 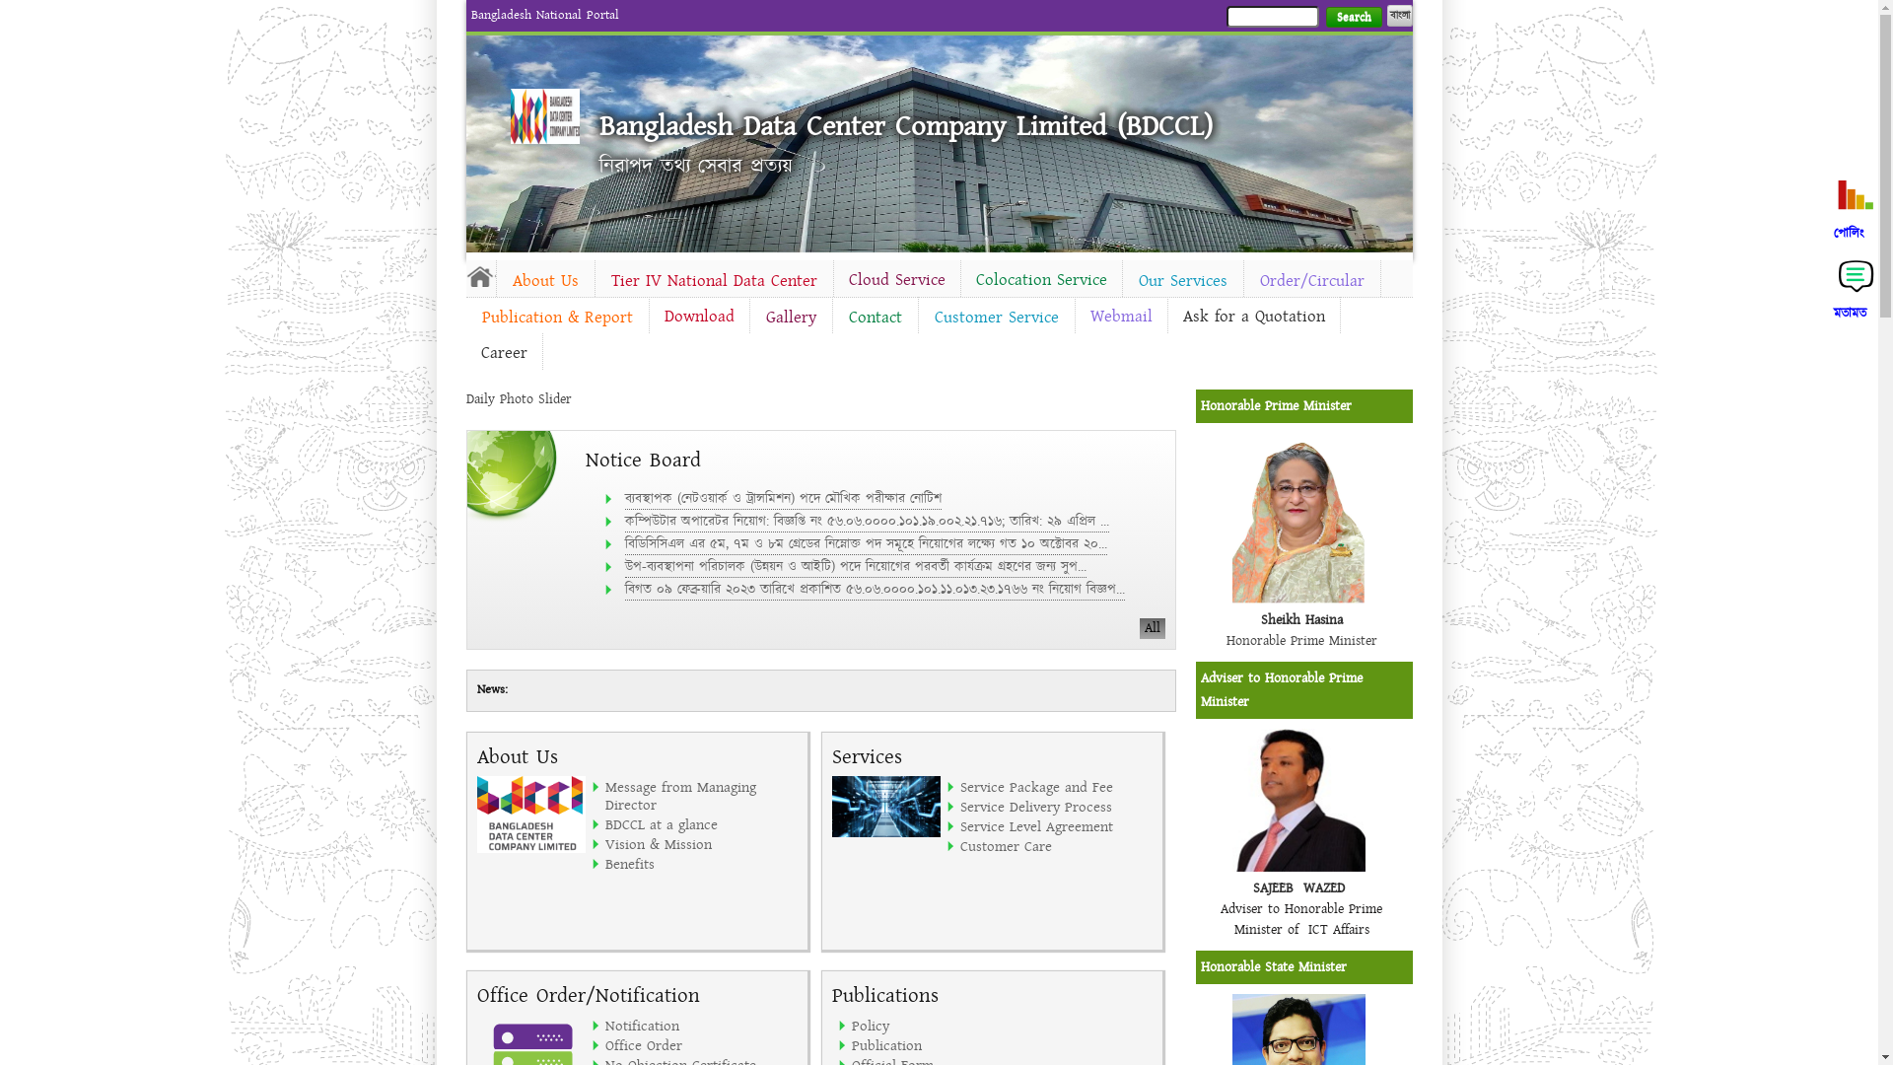 I want to click on 'Home', so click(x=479, y=276).